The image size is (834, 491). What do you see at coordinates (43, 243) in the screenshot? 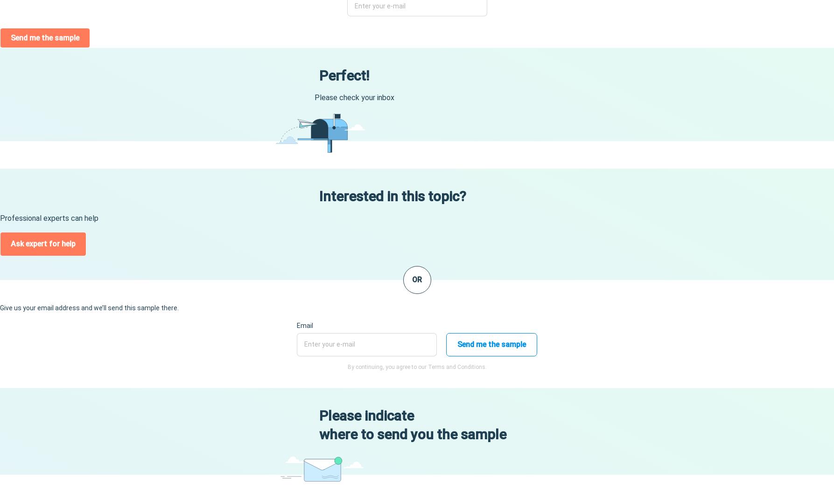
I see `'Ask expert for help'` at bounding box center [43, 243].